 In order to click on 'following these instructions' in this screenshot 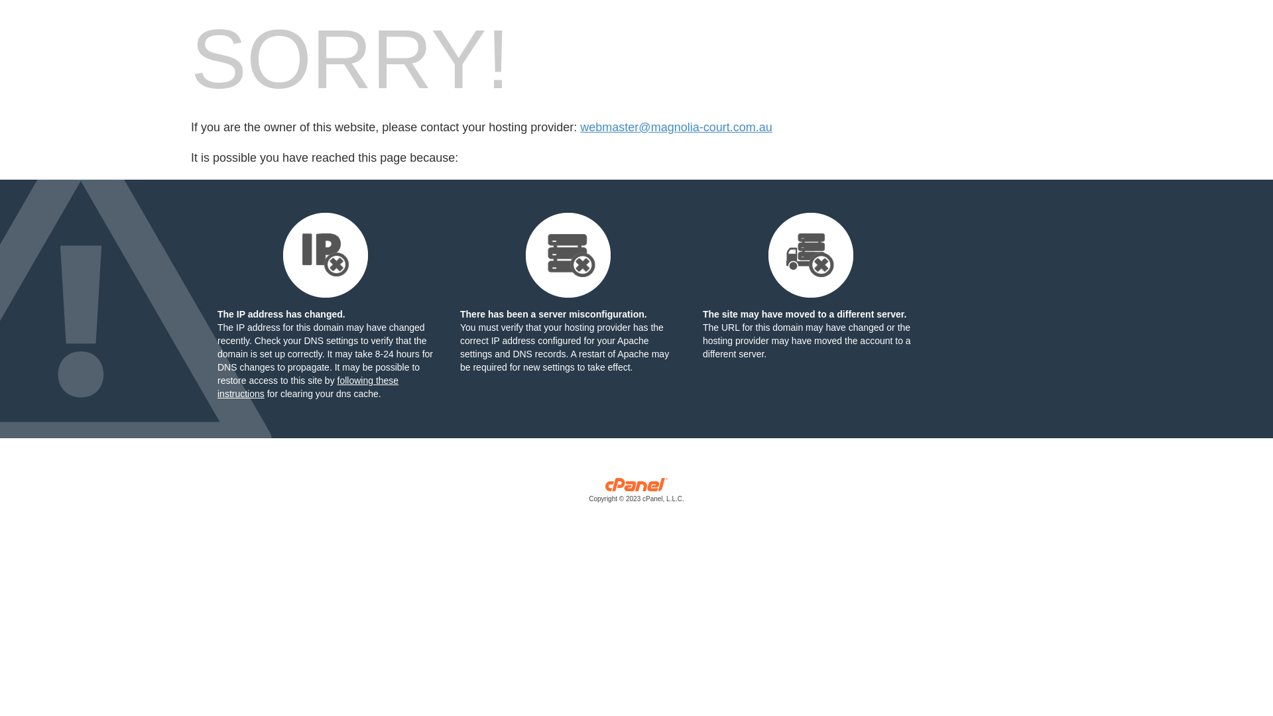, I will do `click(307, 387)`.